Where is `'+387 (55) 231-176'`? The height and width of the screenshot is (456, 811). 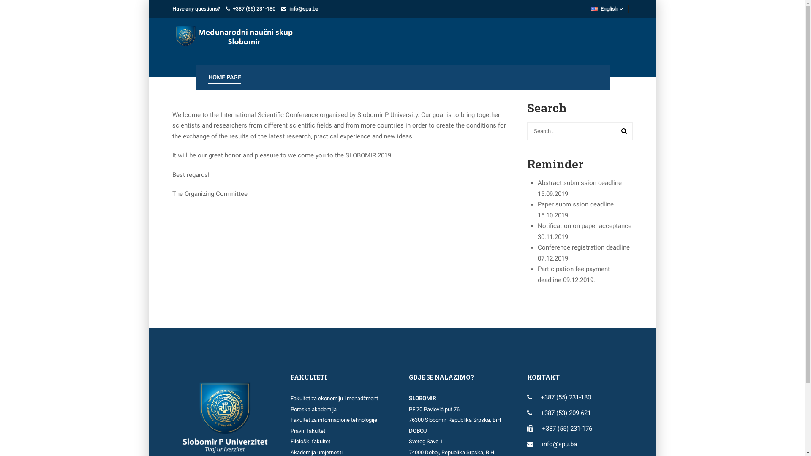 '+387 (55) 231-176' is located at coordinates (541, 428).